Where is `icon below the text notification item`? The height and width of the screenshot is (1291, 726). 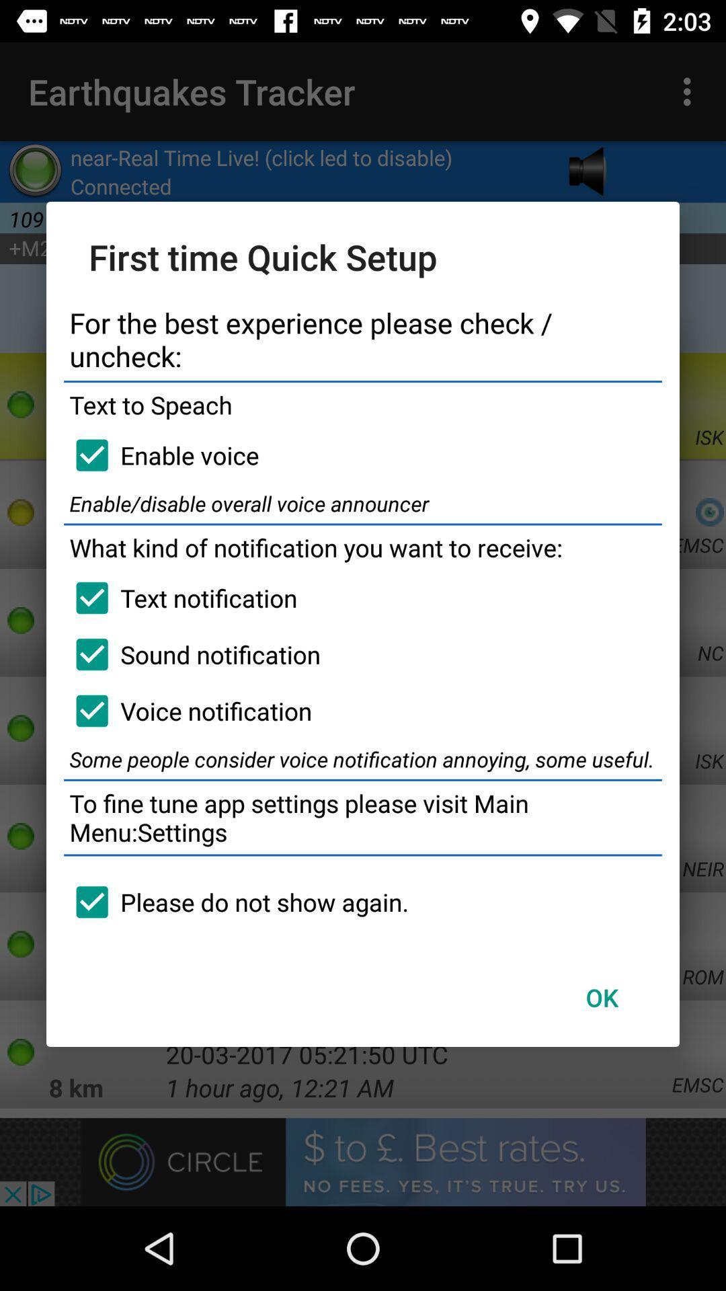
icon below the text notification item is located at coordinates (192, 654).